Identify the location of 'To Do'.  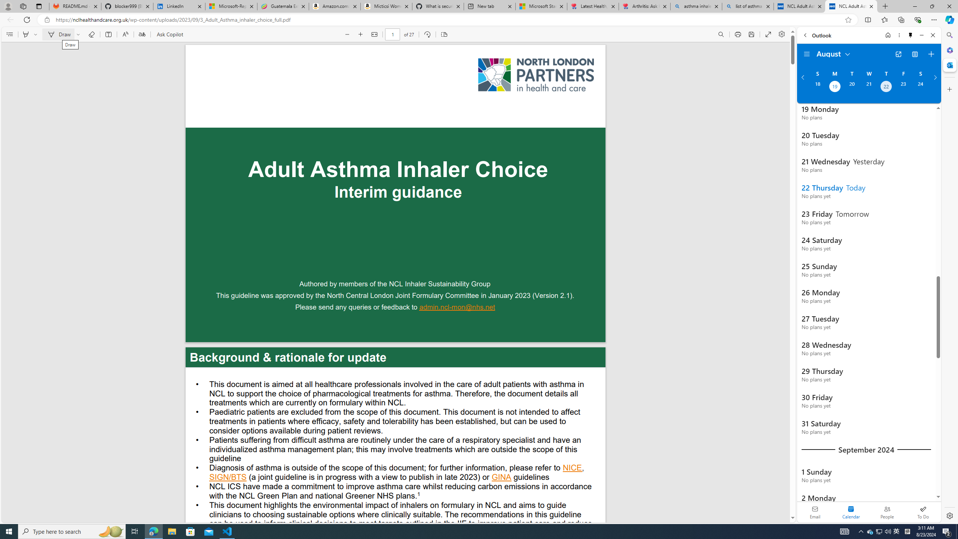
(923, 512).